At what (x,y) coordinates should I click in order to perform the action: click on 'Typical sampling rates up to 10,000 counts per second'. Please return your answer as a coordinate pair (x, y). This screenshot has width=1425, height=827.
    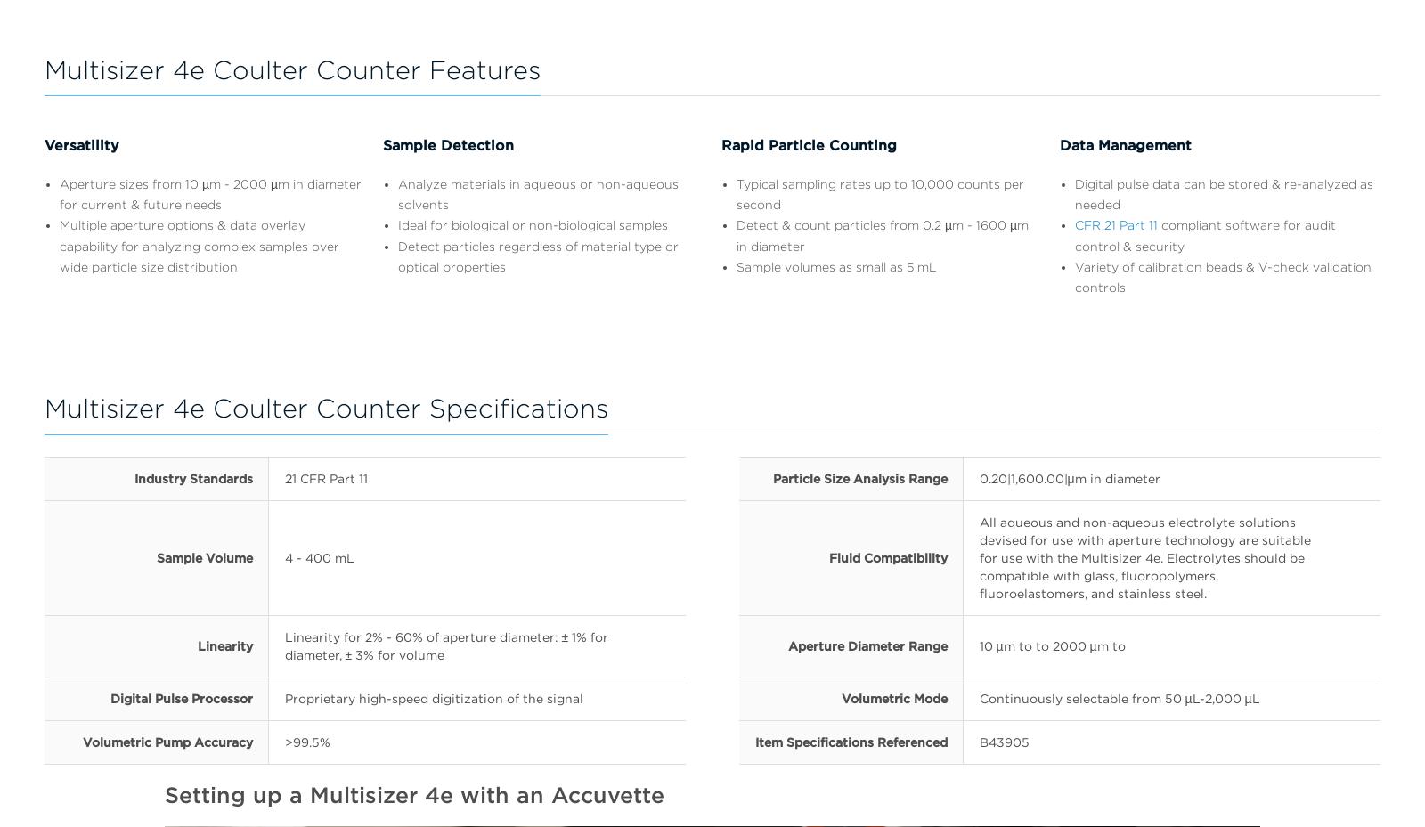
    Looking at the image, I should click on (879, 193).